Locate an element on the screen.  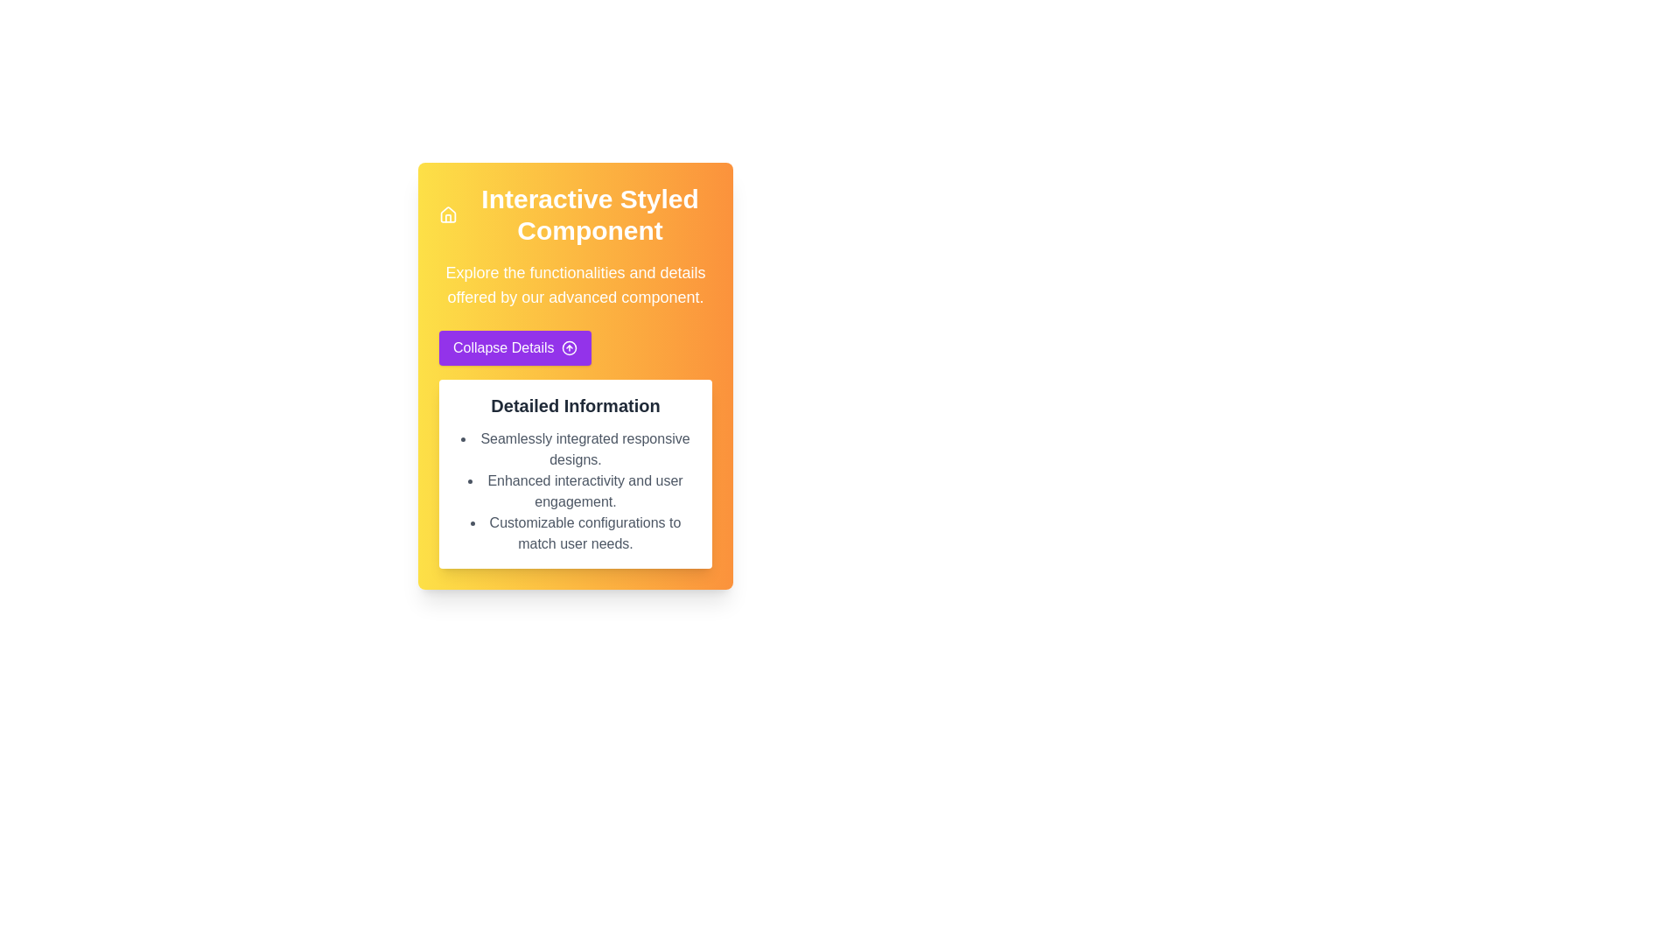
the text label that provides a concise descriptive context about the advanced component's offerings, located beneath the title 'Interactive Styled Component' and above the purple button 'Collapse Details' is located at coordinates (575, 284).